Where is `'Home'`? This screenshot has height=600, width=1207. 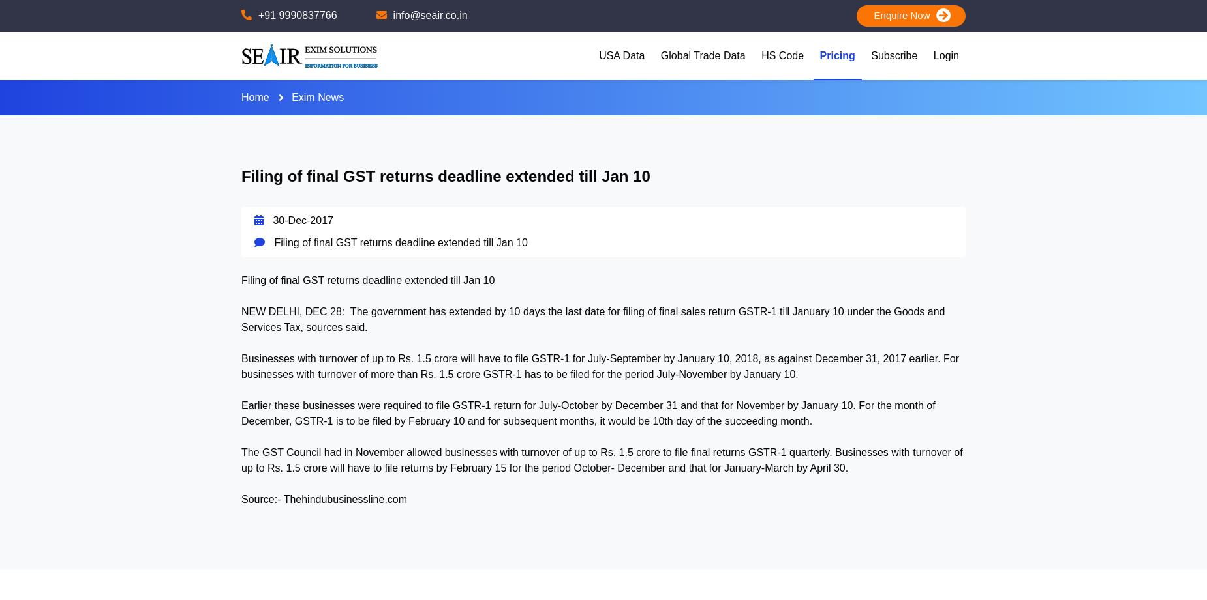
'Home' is located at coordinates (241, 96).